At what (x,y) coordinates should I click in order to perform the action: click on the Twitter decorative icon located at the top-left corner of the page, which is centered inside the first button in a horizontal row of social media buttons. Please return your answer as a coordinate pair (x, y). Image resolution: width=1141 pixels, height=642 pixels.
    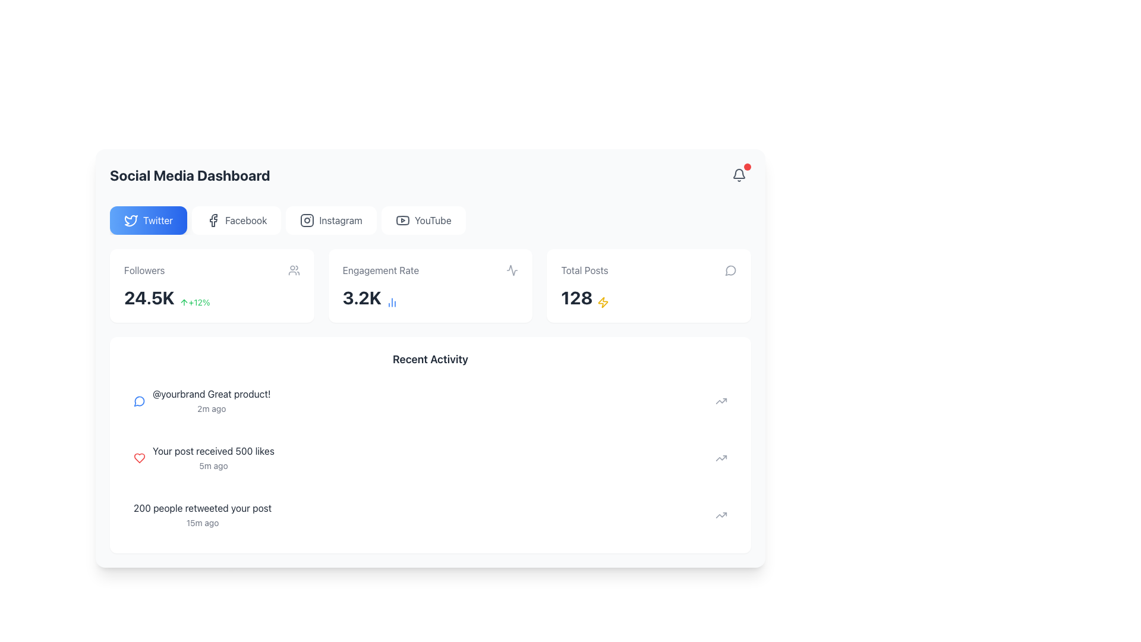
    Looking at the image, I should click on (131, 220).